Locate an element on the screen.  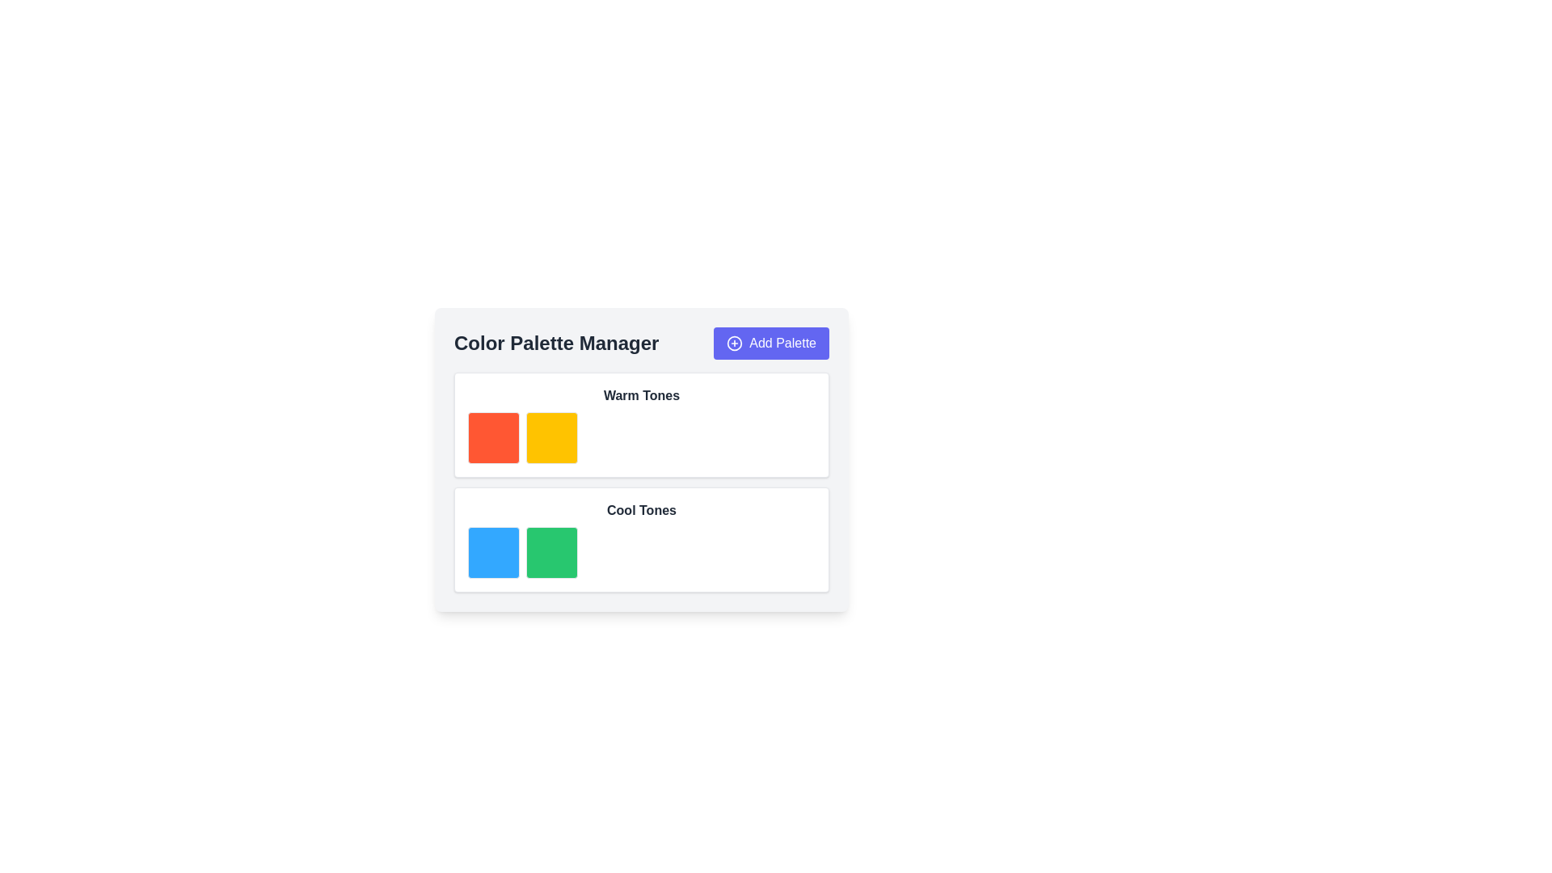
the second selectable color block with a solid green background, located under the 'Cool Tones' section is located at coordinates (551, 551).